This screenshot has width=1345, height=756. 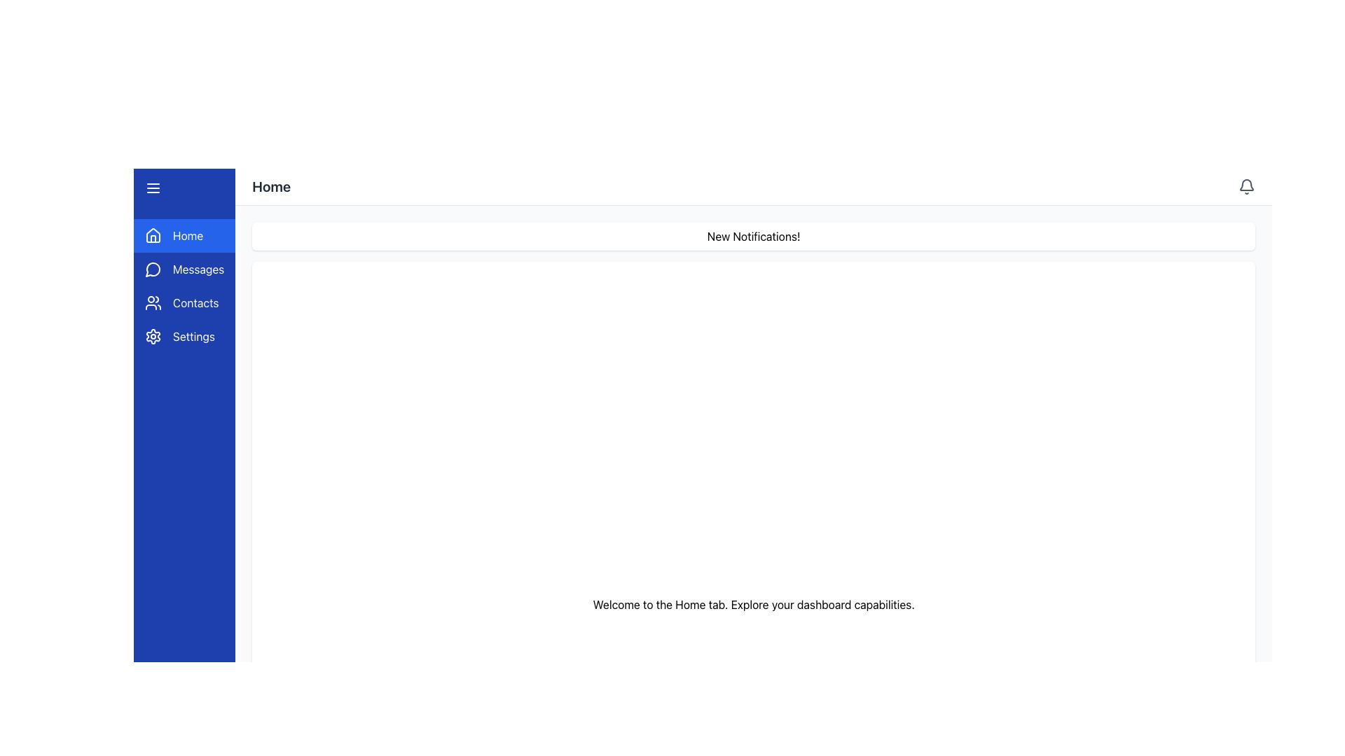 What do you see at coordinates (153, 337) in the screenshot?
I see `the gear icon located in the left vertical sidebar, within the 'Settings' row` at bounding box center [153, 337].